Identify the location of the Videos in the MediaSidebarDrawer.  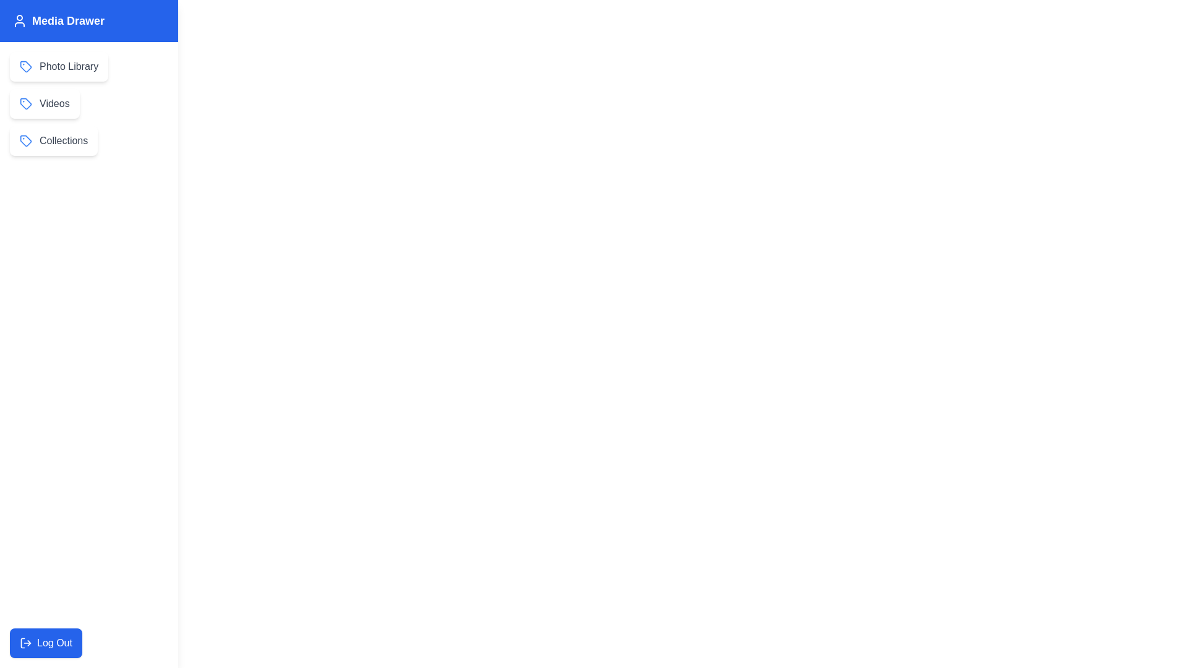
(45, 103).